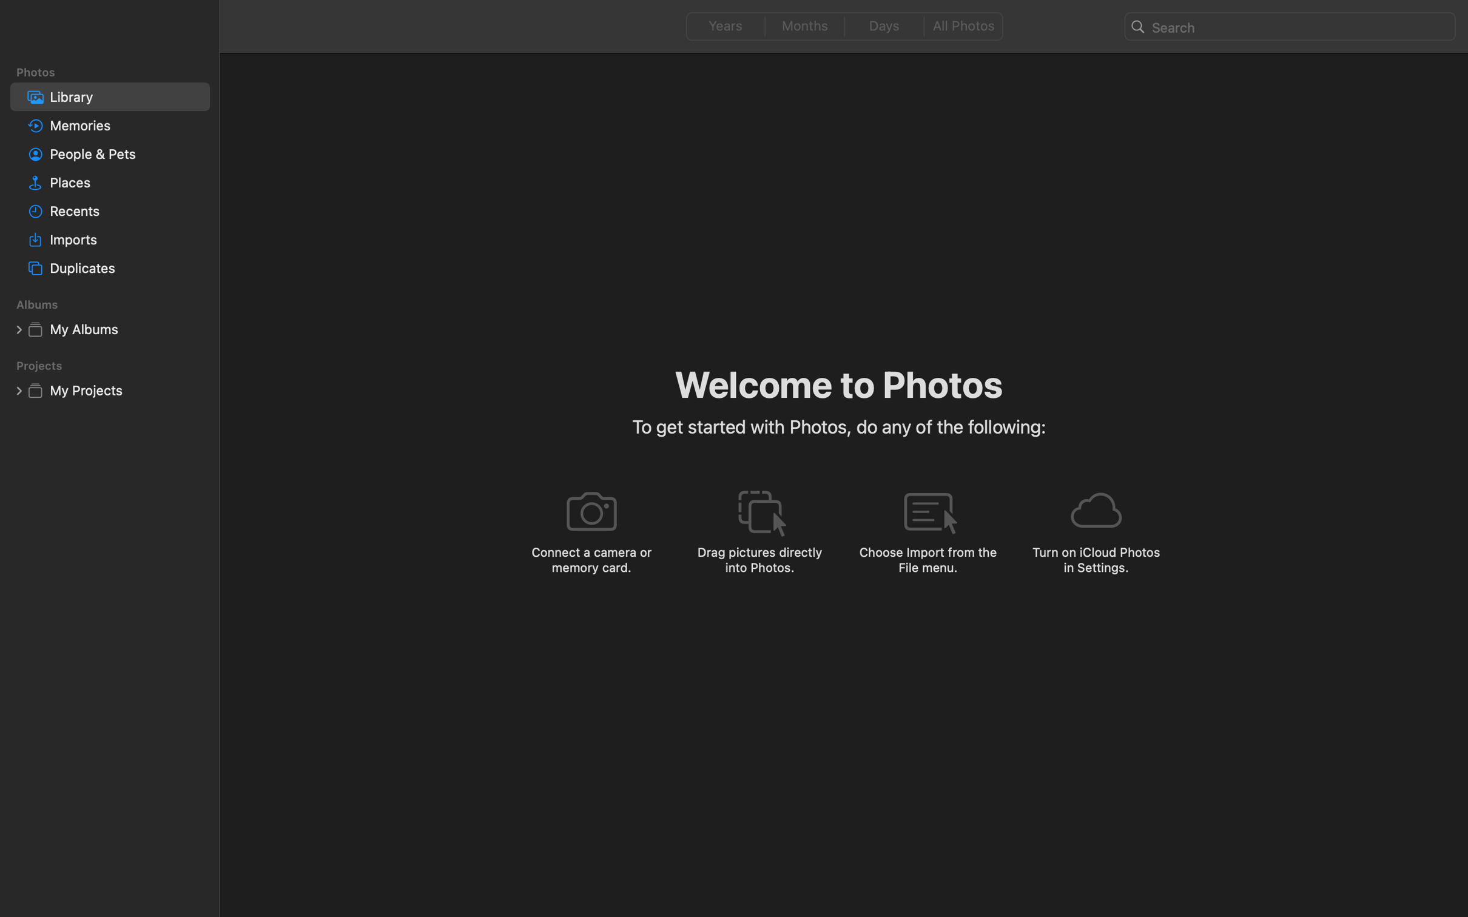 This screenshot has width=1468, height=917. Describe the element at coordinates (126, 97) in the screenshot. I see `'Library'` at that location.